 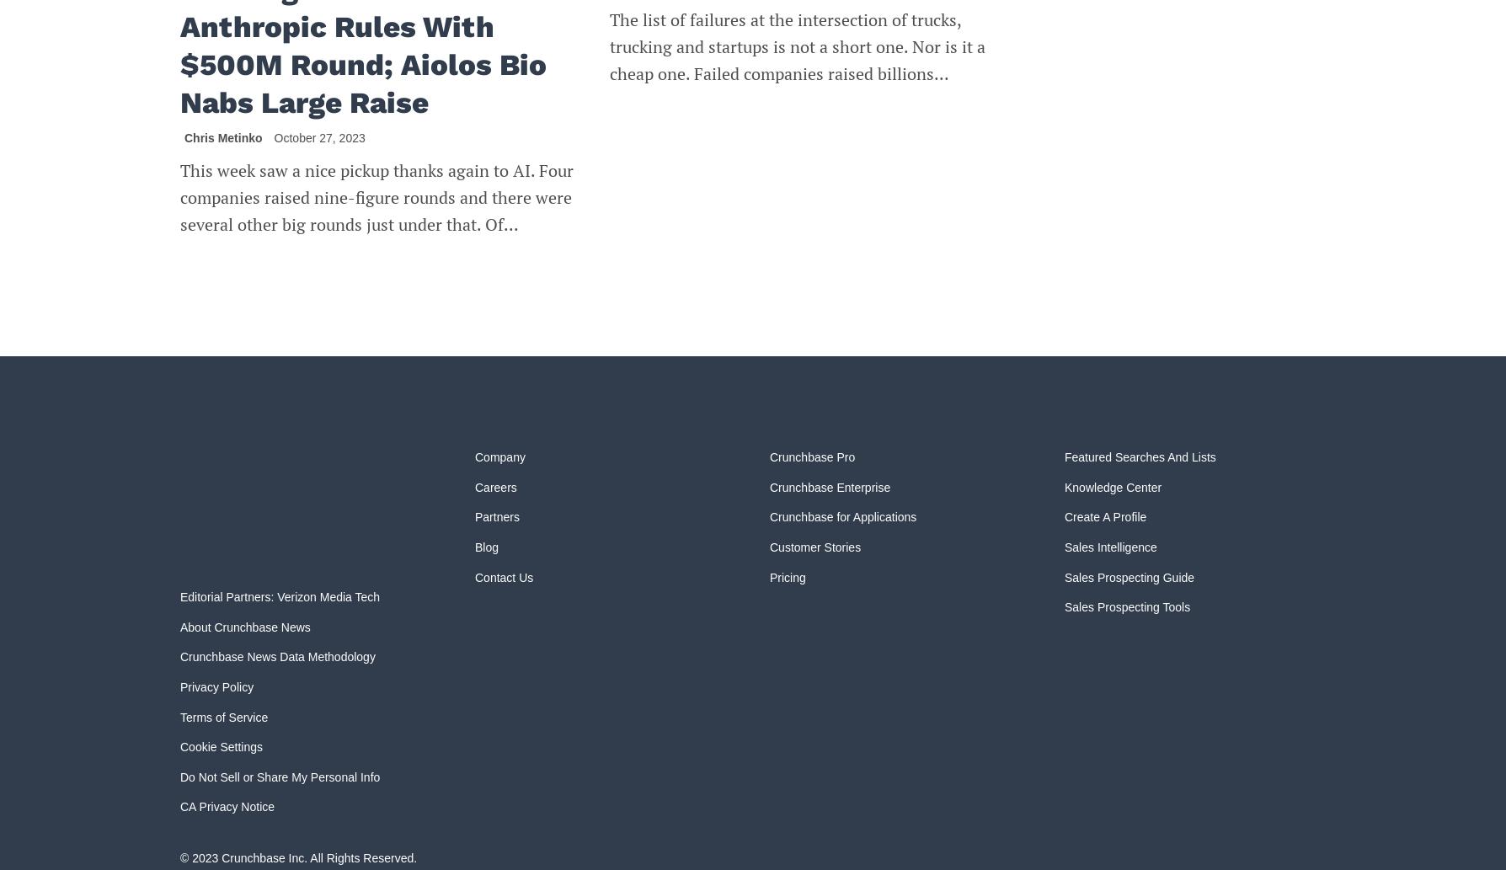 I want to click on 'Sales Prospecting Tools', so click(x=1126, y=607).